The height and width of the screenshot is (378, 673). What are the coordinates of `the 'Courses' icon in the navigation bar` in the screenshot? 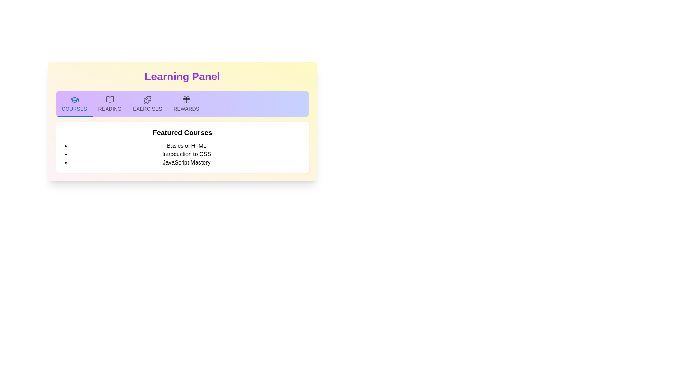 It's located at (74, 100).